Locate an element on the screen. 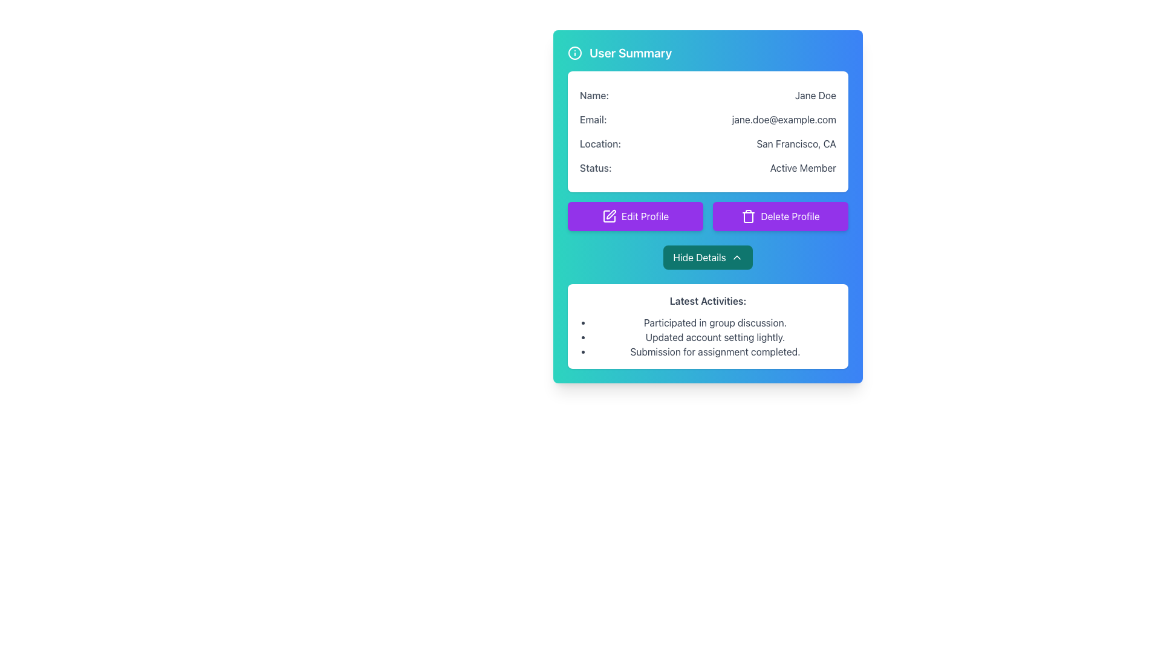  the delete profile button located at the bottom center of the user interface, positioned directly to the right of the 'Edit Profile' button is located at coordinates (781, 216).